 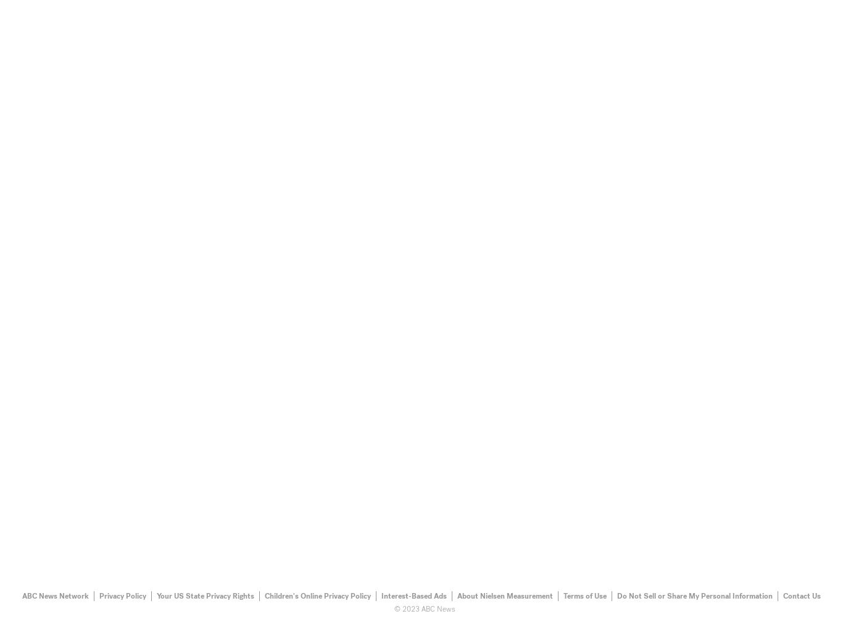 I want to click on 'Terms of Use', so click(x=585, y=595).